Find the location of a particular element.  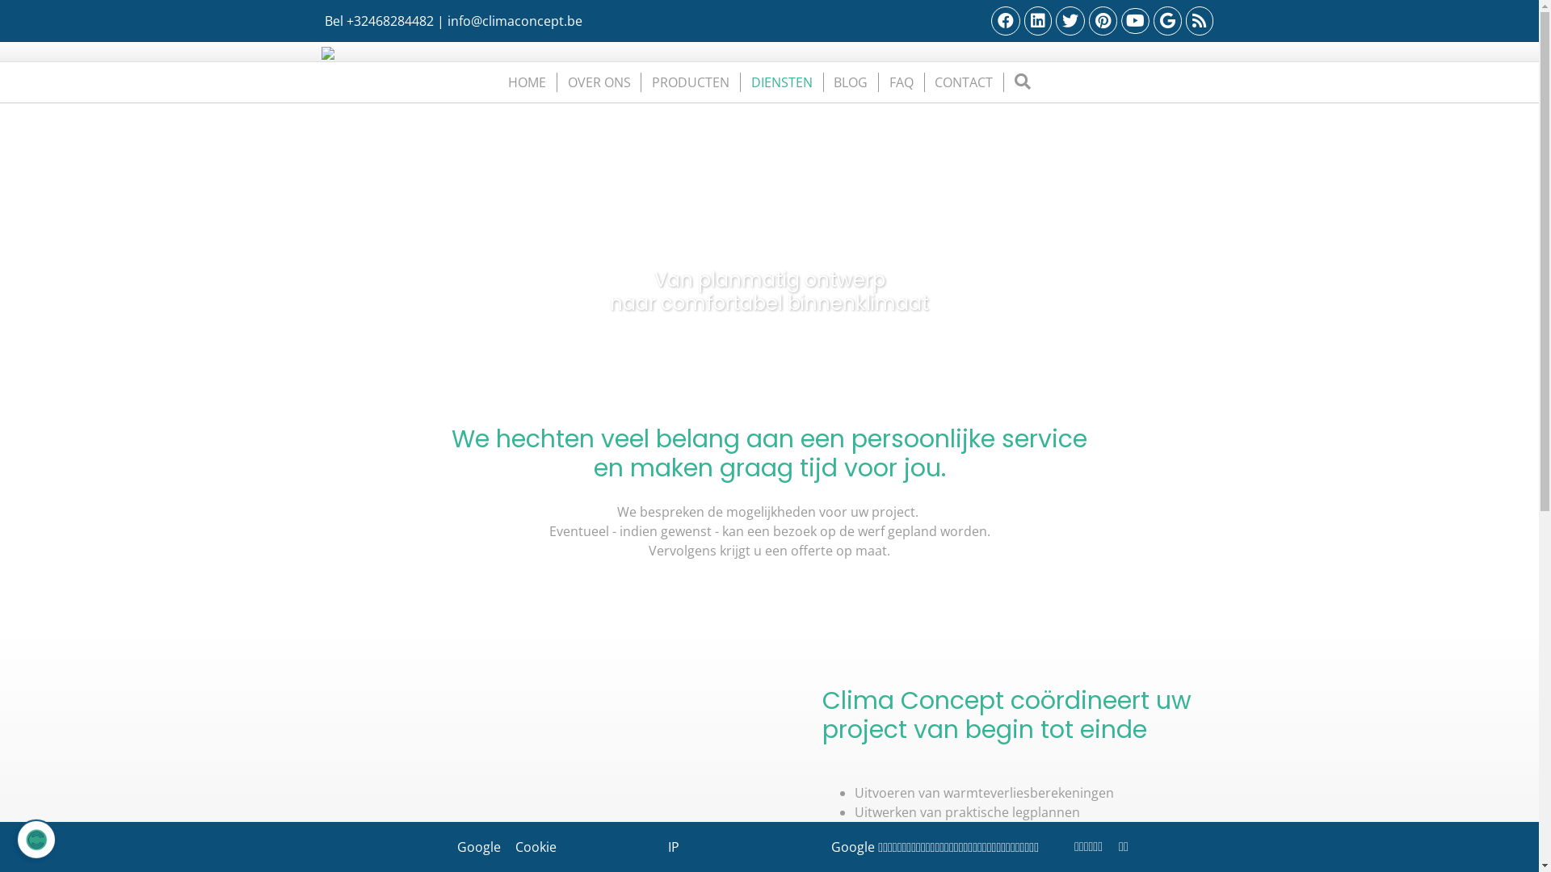

'HOME' is located at coordinates (527, 82).